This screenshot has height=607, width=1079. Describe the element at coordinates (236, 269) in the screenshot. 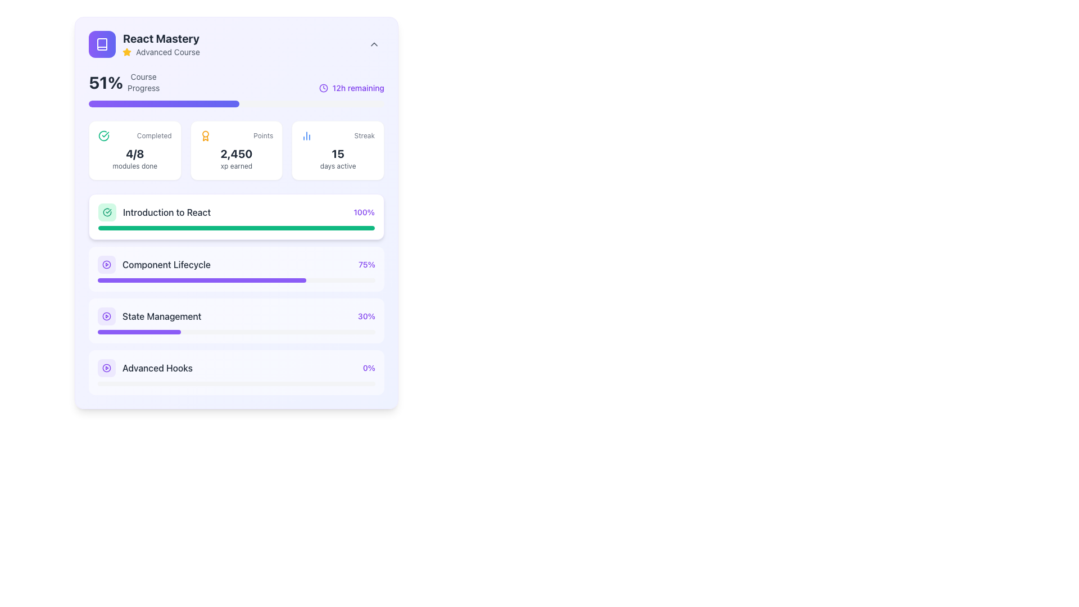

I see `to select the second list item with a progress indicator for the 'Component Lifecycle' module, which is located below 'Introduction to React' and above 'State Management'` at that location.